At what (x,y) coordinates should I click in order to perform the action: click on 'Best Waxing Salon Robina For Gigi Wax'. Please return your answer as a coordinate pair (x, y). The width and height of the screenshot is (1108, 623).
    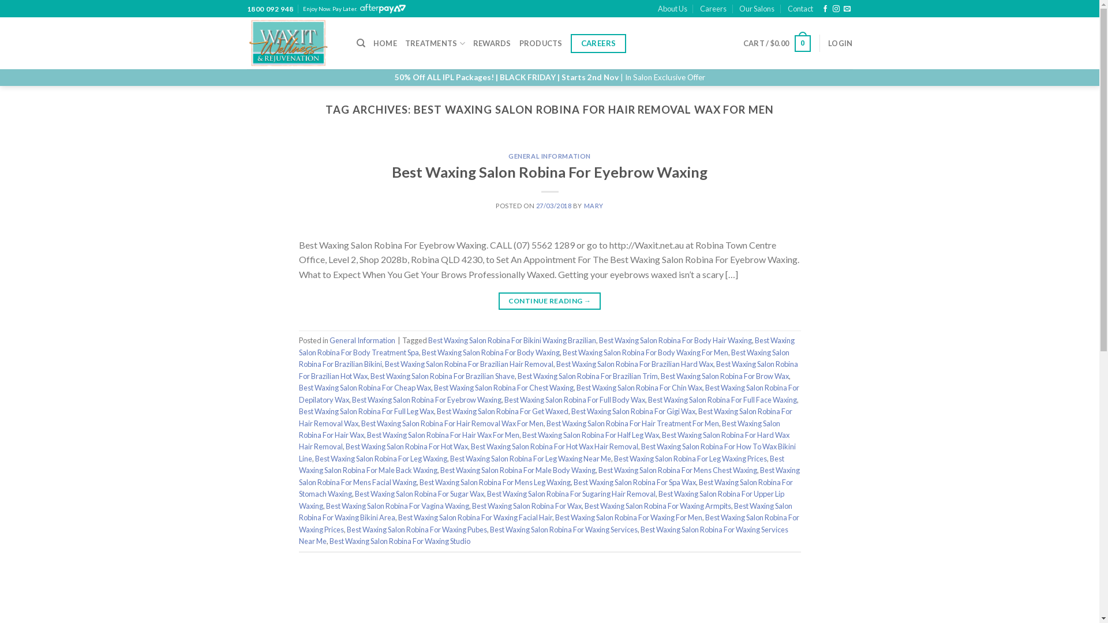
    Looking at the image, I should click on (632, 411).